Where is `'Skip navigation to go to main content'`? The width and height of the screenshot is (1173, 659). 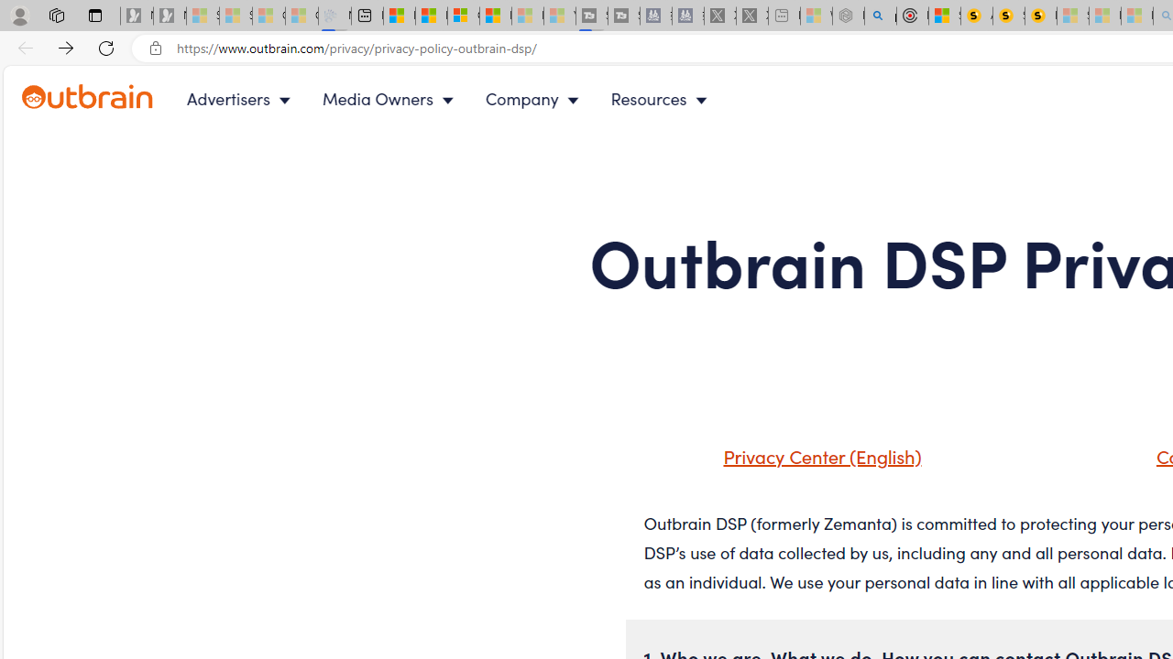
'Skip navigation to go to main content' is located at coordinates (55, 75).